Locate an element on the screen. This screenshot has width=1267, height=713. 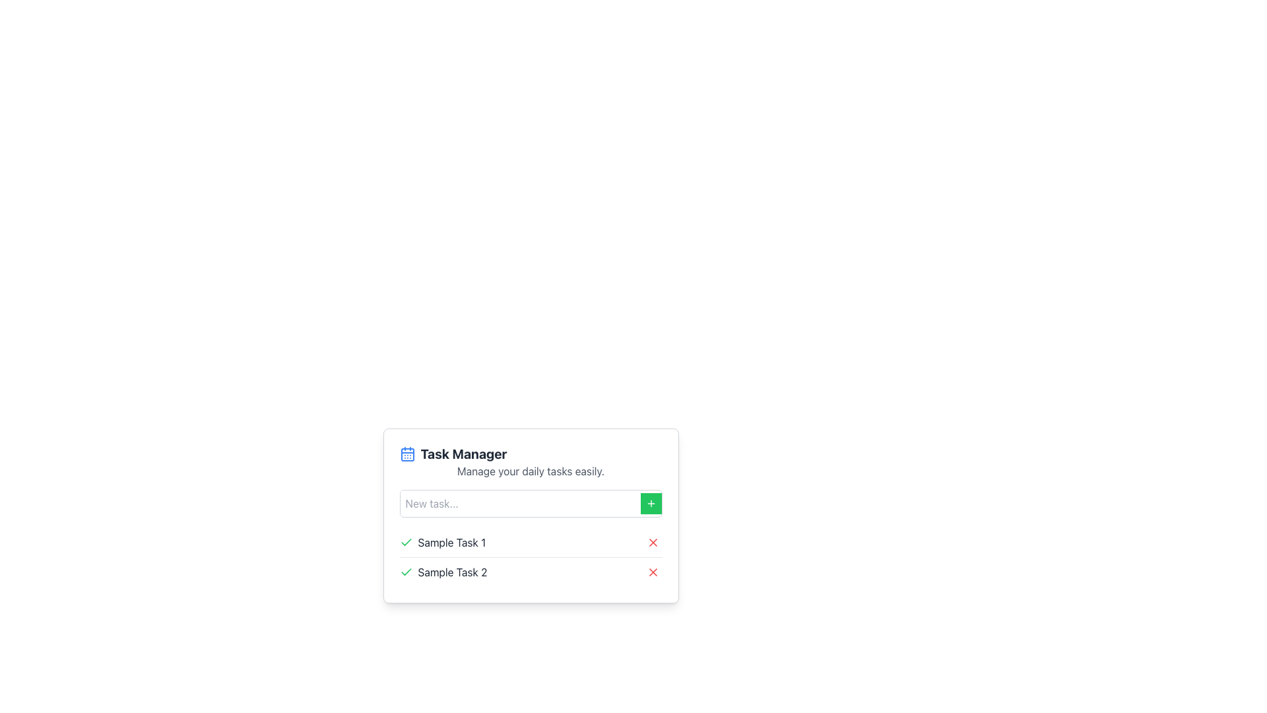
the red 'X' icon button located next to 'Sample Task 2' in the task list is located at coordinates (653, 572).